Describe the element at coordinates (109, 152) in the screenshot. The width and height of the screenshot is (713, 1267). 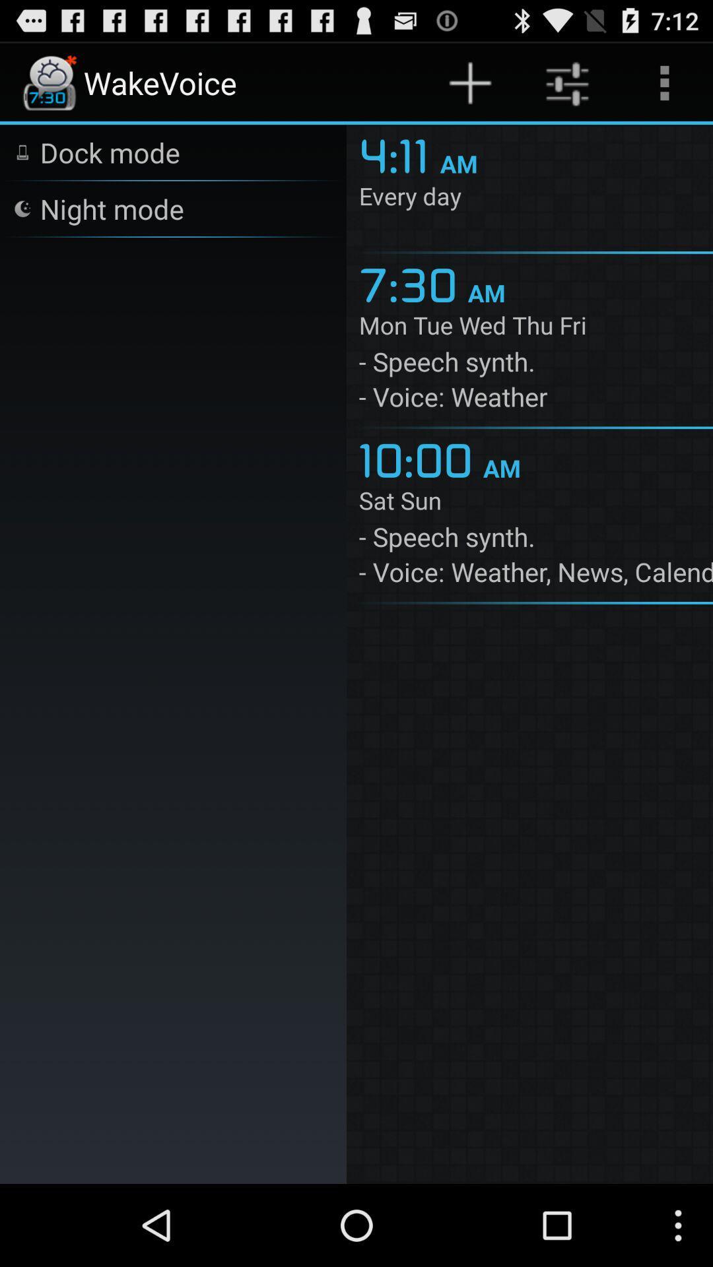
I see `the icon above night mode item` at that location.